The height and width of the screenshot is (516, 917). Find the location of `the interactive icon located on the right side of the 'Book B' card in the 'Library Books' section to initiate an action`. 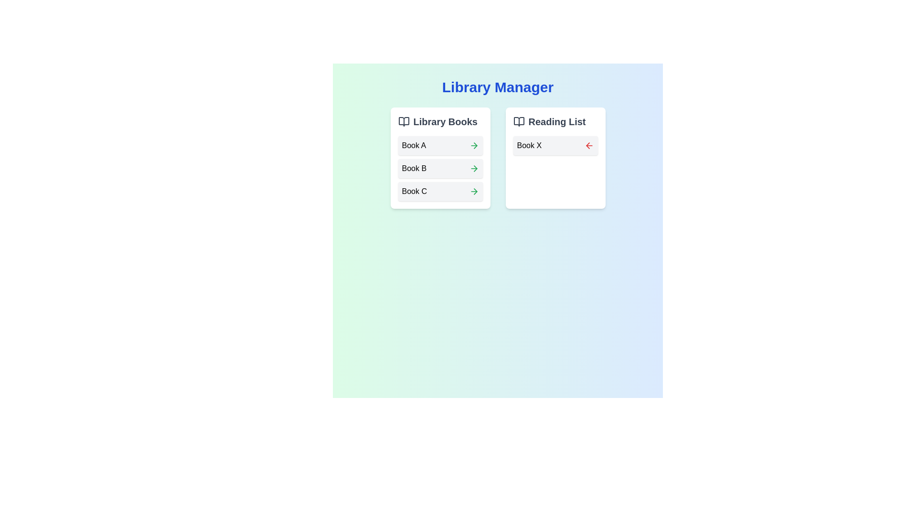

the interactive icon located on the right side of the 'Book B' card in the 'Library Books' section to initiate an action is located at coordinates (474, 168).